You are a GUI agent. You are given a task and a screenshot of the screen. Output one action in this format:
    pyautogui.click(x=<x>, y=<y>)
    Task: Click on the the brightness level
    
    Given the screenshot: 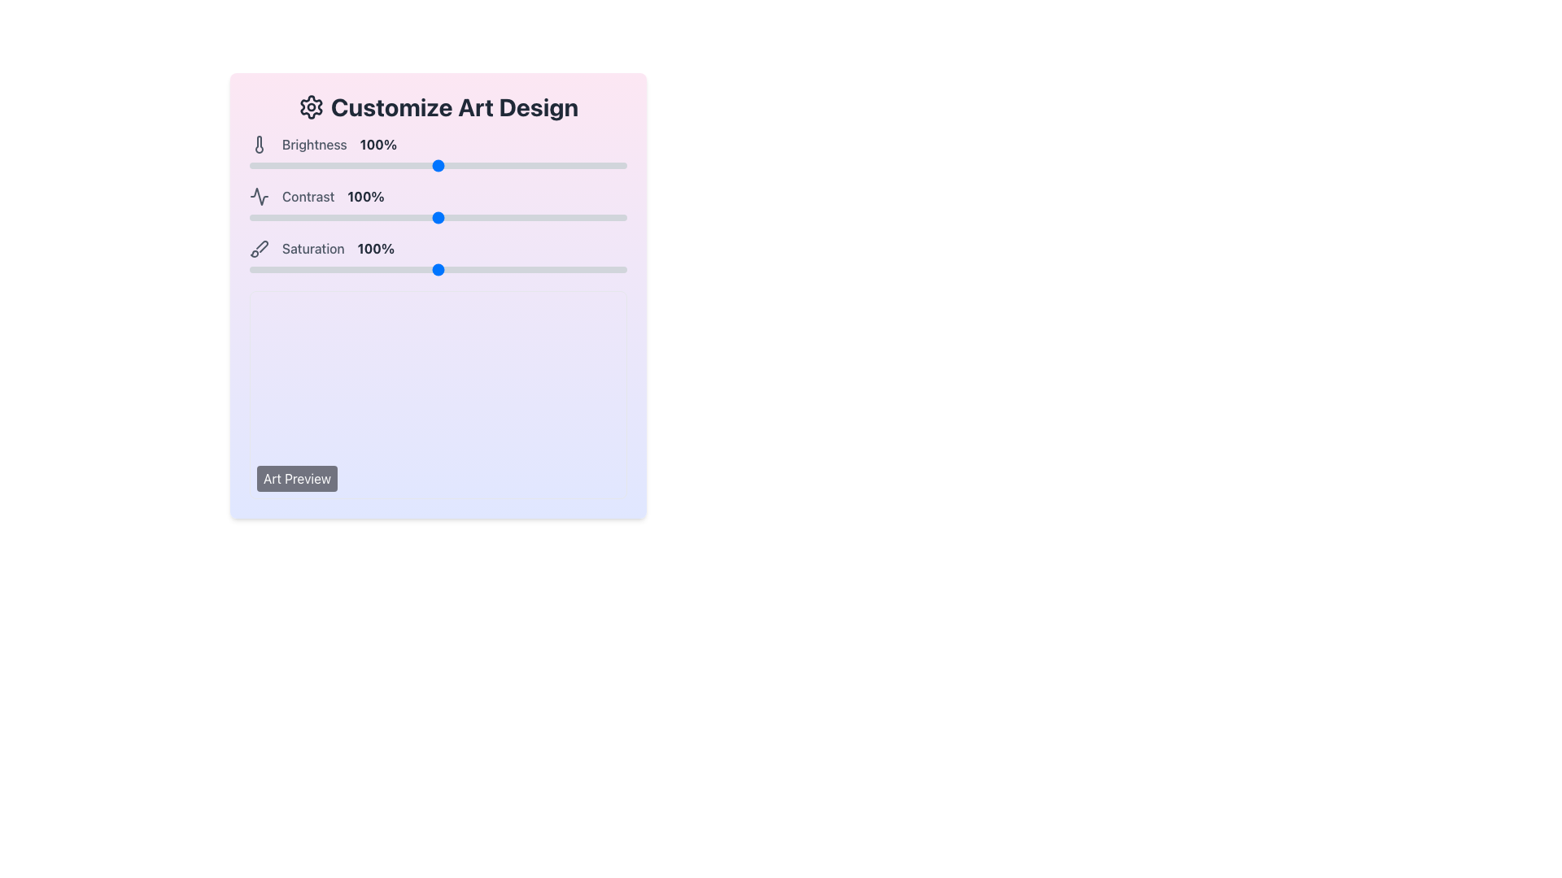 What is the action you would take?
    pyautogui.click(x=525, y=166)
    